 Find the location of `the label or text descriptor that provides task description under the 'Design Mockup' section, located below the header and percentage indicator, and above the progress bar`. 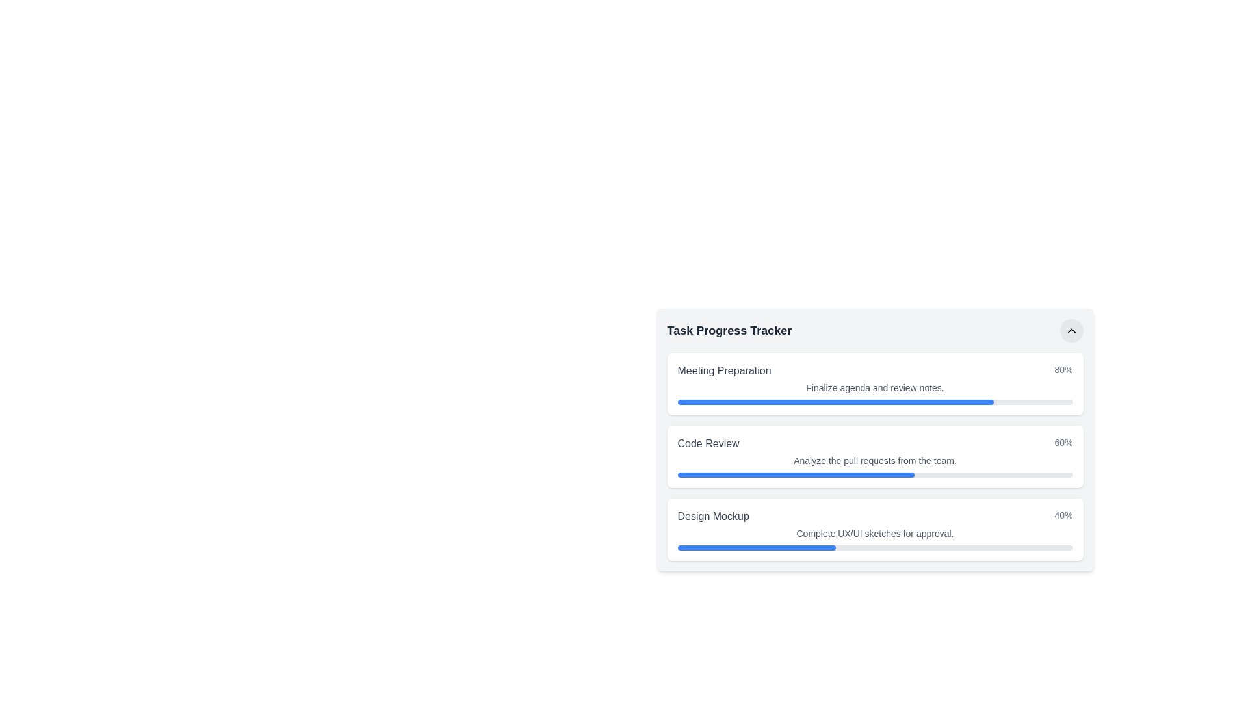

the label or text descriptor that provides task description under the 'Design Mockup' section, located below the header and percentage indicator, and above the progress bar is located at coordinates (875, 534).